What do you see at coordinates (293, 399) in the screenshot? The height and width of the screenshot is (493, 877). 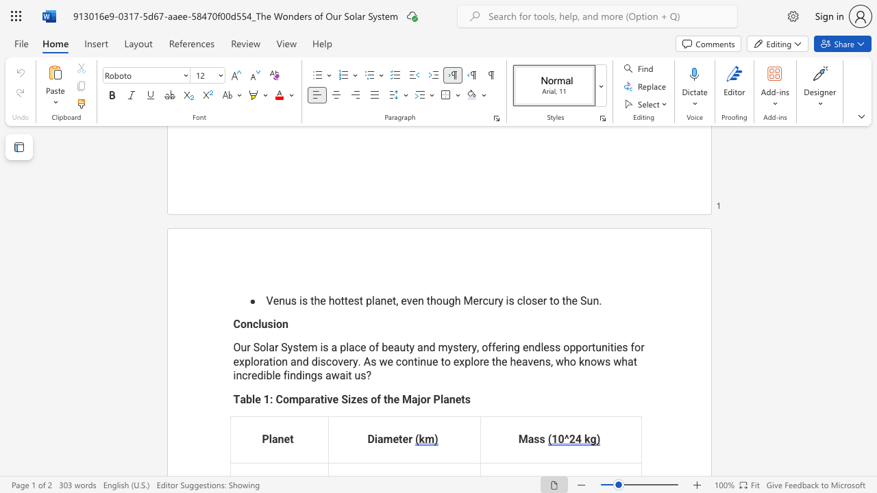 I see `the 1th character "m" in the text` at bounding box center [293, 399].